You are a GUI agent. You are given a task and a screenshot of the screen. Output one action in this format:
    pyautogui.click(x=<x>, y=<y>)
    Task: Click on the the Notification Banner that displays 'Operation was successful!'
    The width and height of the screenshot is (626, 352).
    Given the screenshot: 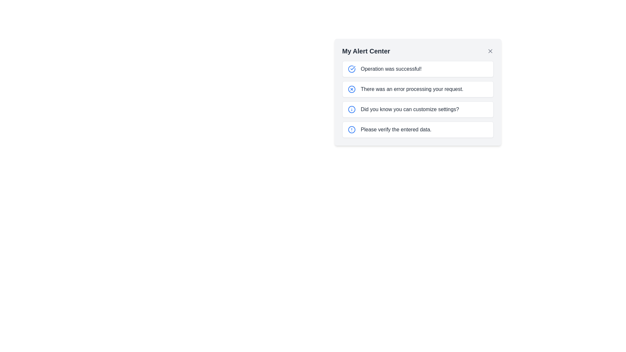 What is the action you would take?
    pyautogui.click(x=418, y=69)
    